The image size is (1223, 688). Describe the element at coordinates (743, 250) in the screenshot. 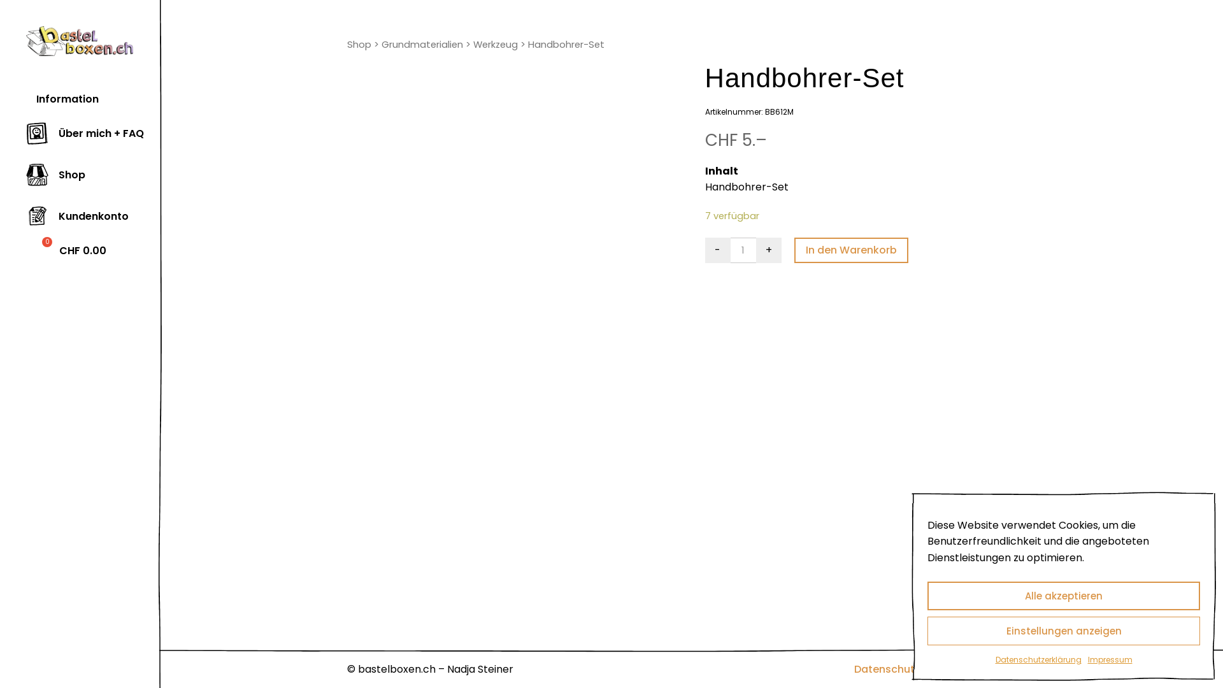

I see `'Qty'` at that location.